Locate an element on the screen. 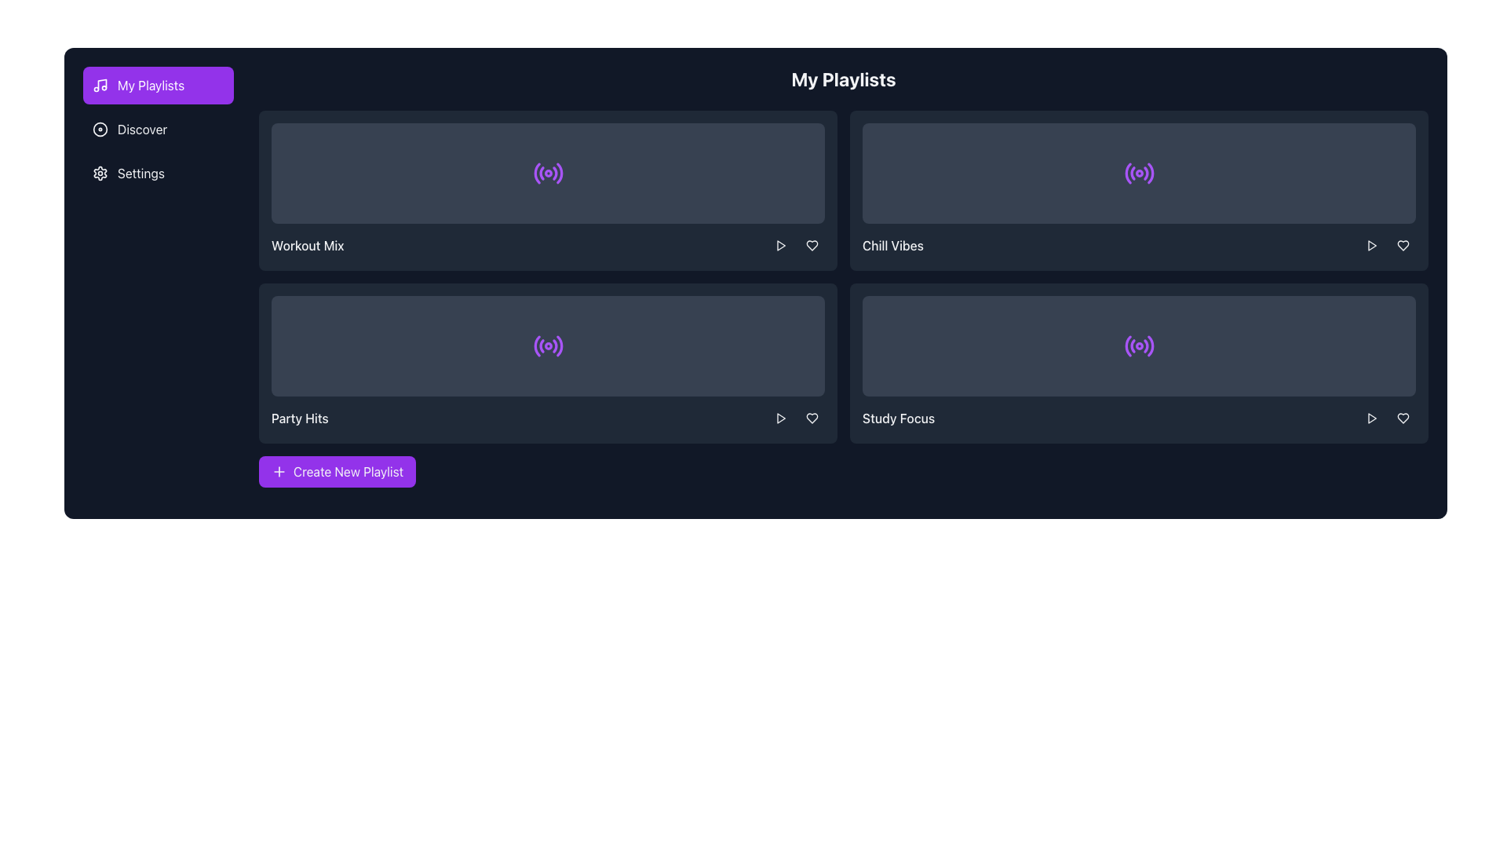 Image resolution: width=1507 pixels, height=848 pixels. the heart-shaped button outlined in white located in the bottom right corner of the 'Study Focus' playlist card to favorite or unfavorite the playlist is located at coordinates (1403, 417).